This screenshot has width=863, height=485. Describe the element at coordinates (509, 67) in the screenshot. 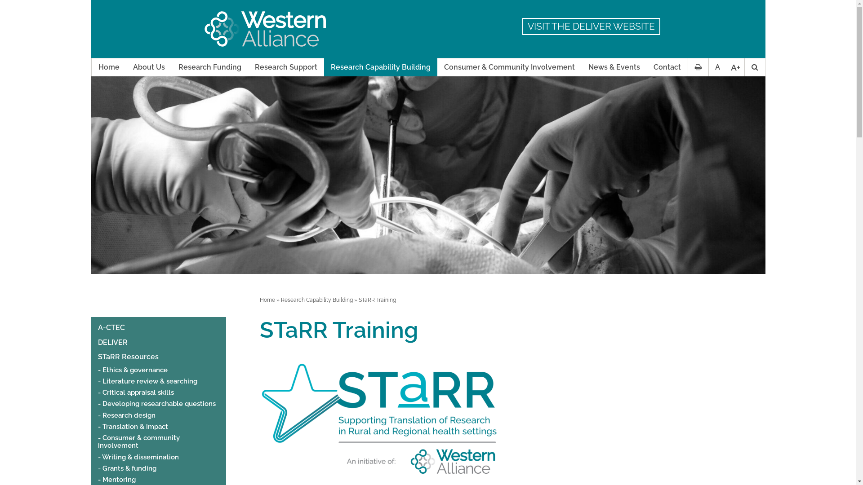

I see `'Consumer & Community Involvement'` at that location.